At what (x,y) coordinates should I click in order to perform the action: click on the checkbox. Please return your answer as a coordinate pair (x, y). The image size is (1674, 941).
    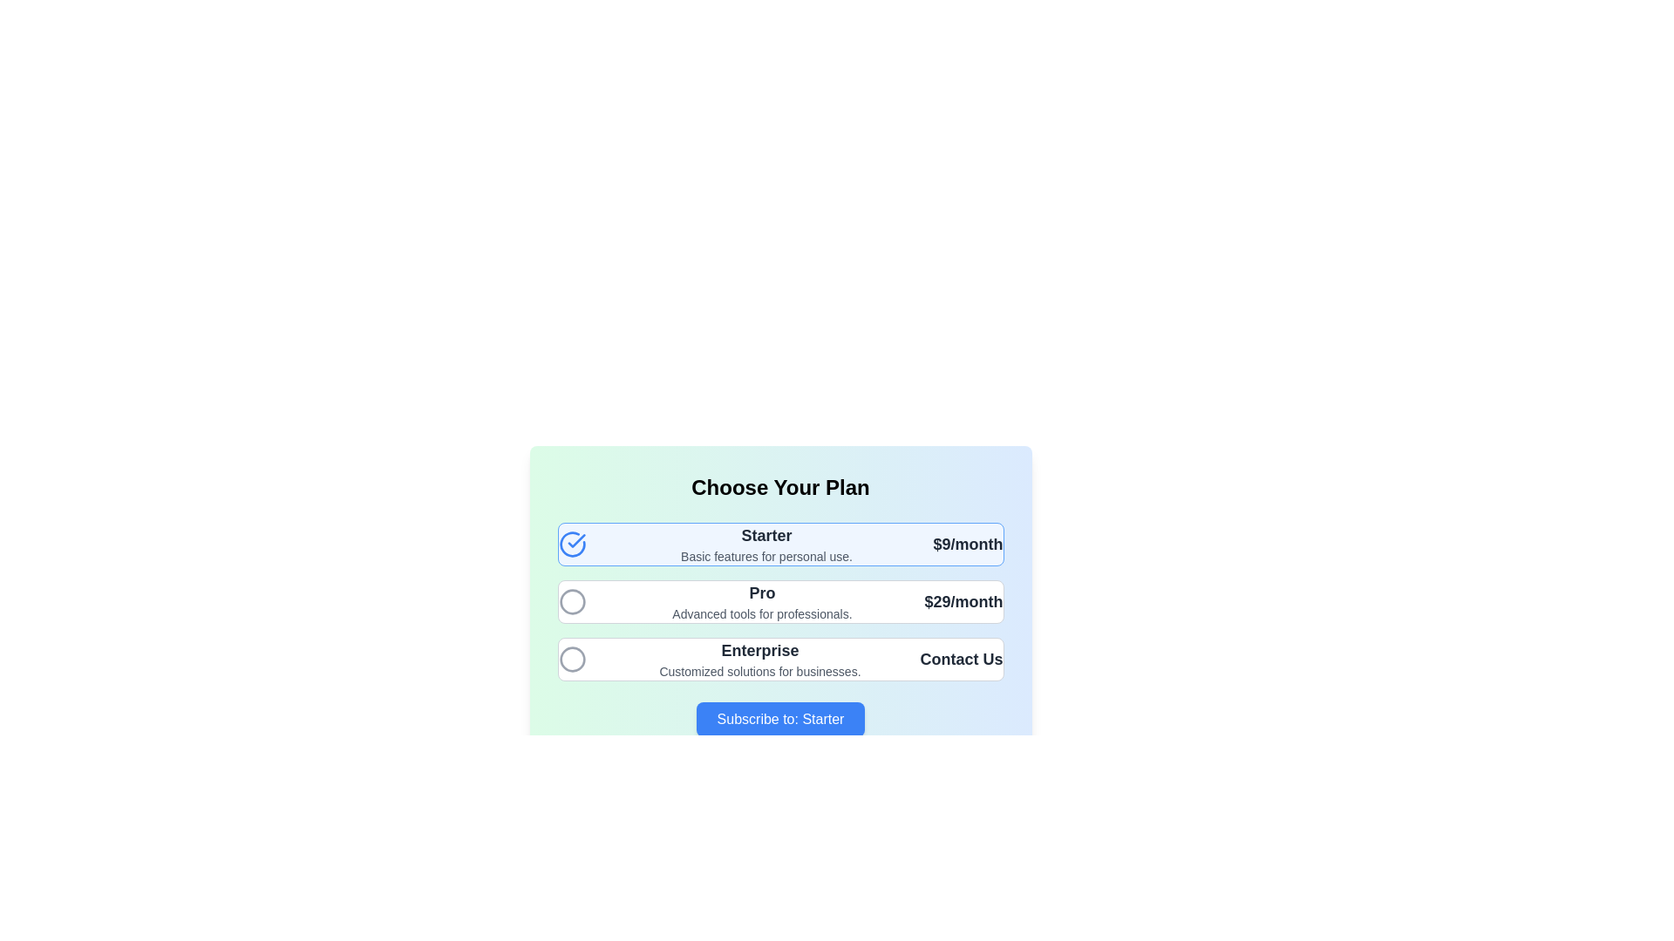
    Looking at the image, I should click on (572, 543).